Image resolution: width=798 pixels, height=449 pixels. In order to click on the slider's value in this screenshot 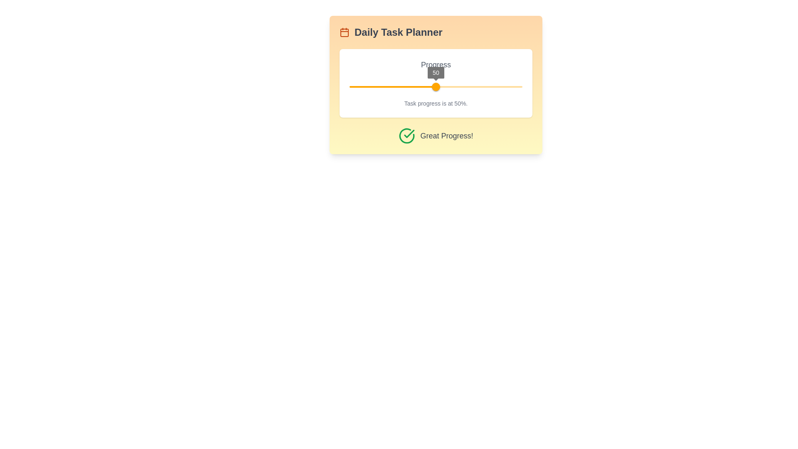, I will do `click(467, 86)`.